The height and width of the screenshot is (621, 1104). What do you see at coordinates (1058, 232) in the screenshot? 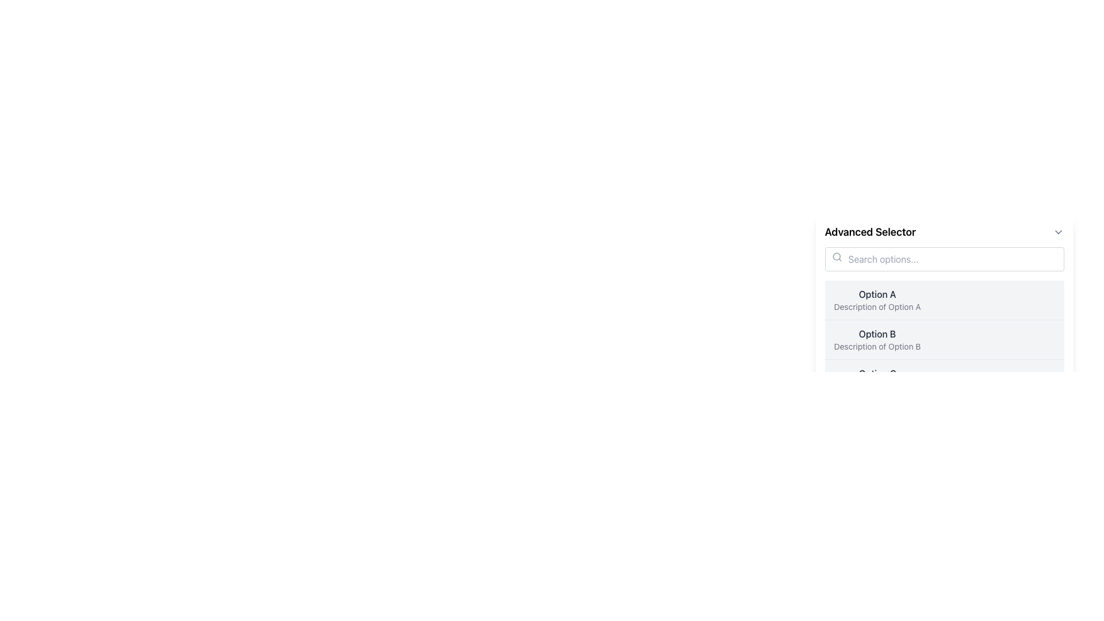
I see `the toggle icon located to the right of the 'Advanced Selector' label to change its color` at bounding box center [1058, 232].